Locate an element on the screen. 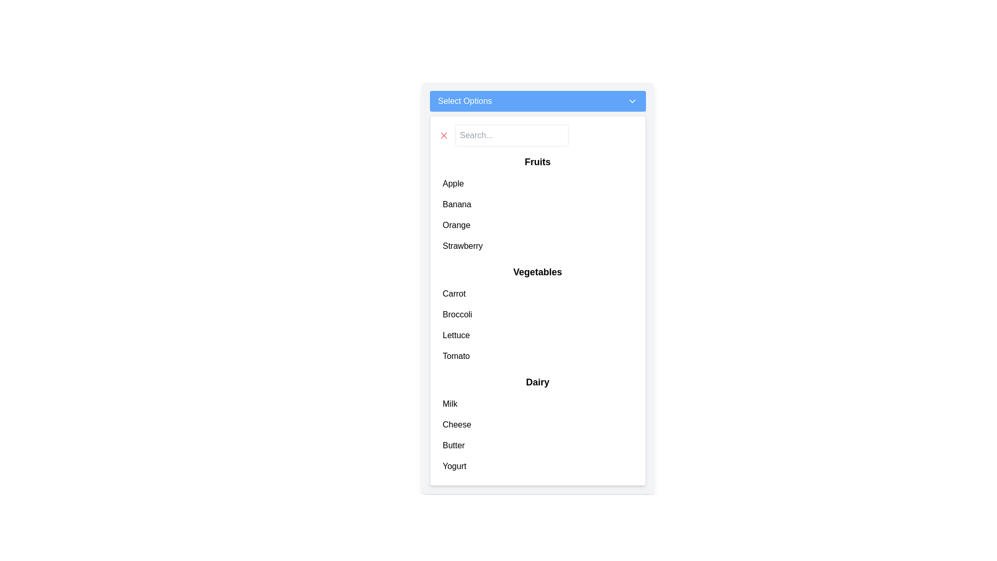 The width and height of the screenshot is (997, 561). text label displaying 'Vegetables', which is styled in bold and larger font, positioned at the top of the vegetable items subgroup is located at coordinates (537, 272).